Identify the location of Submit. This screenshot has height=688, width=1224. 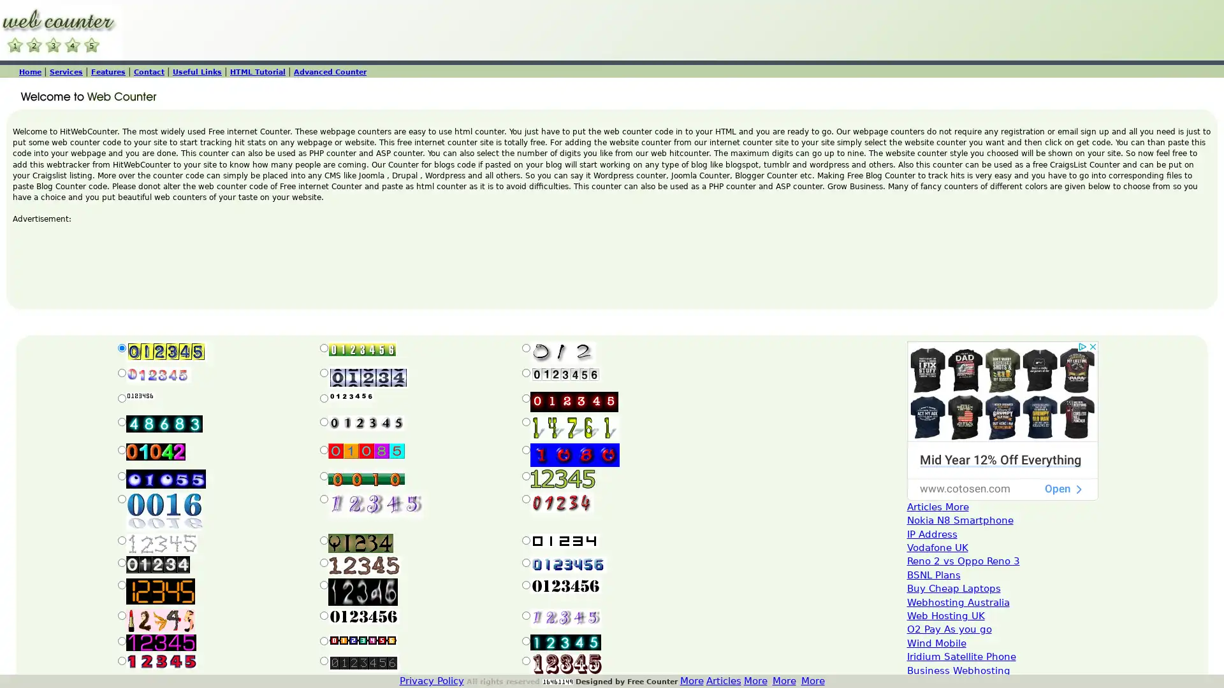
(564, 642).